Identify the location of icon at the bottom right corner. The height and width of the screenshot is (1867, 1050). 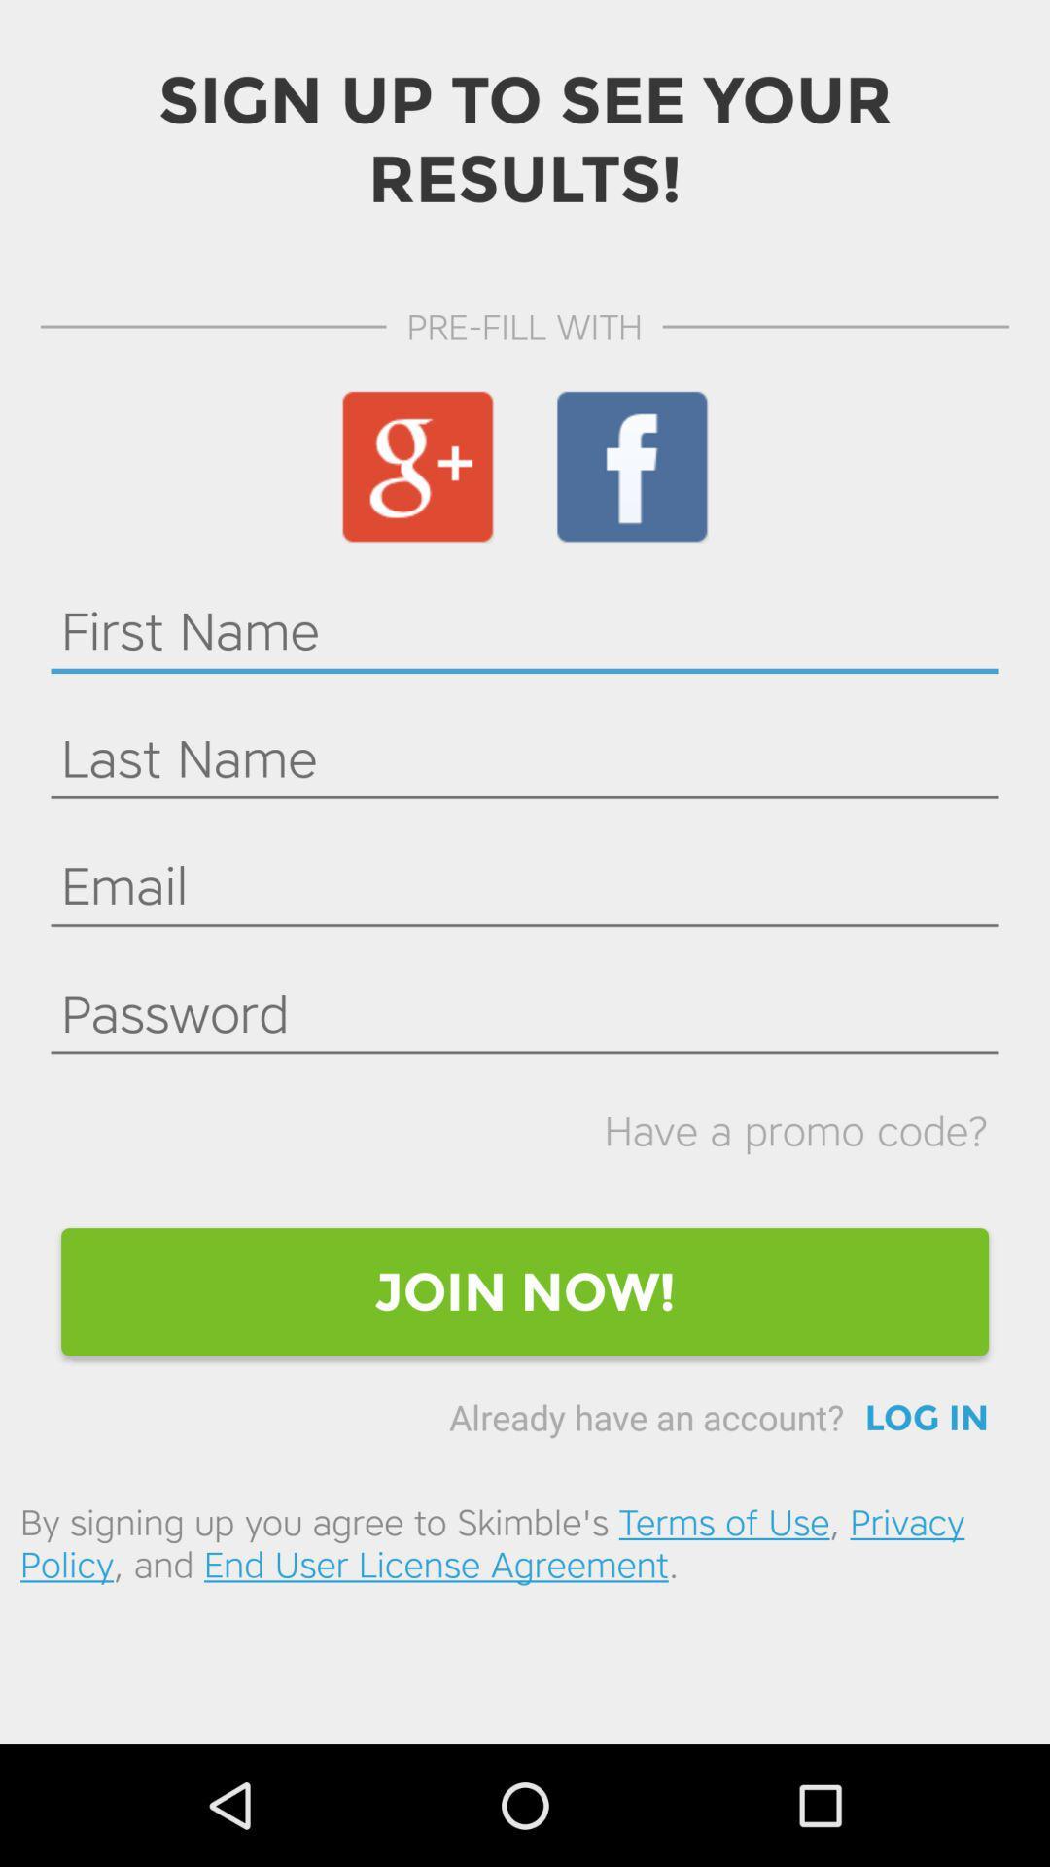
(926, 1418).